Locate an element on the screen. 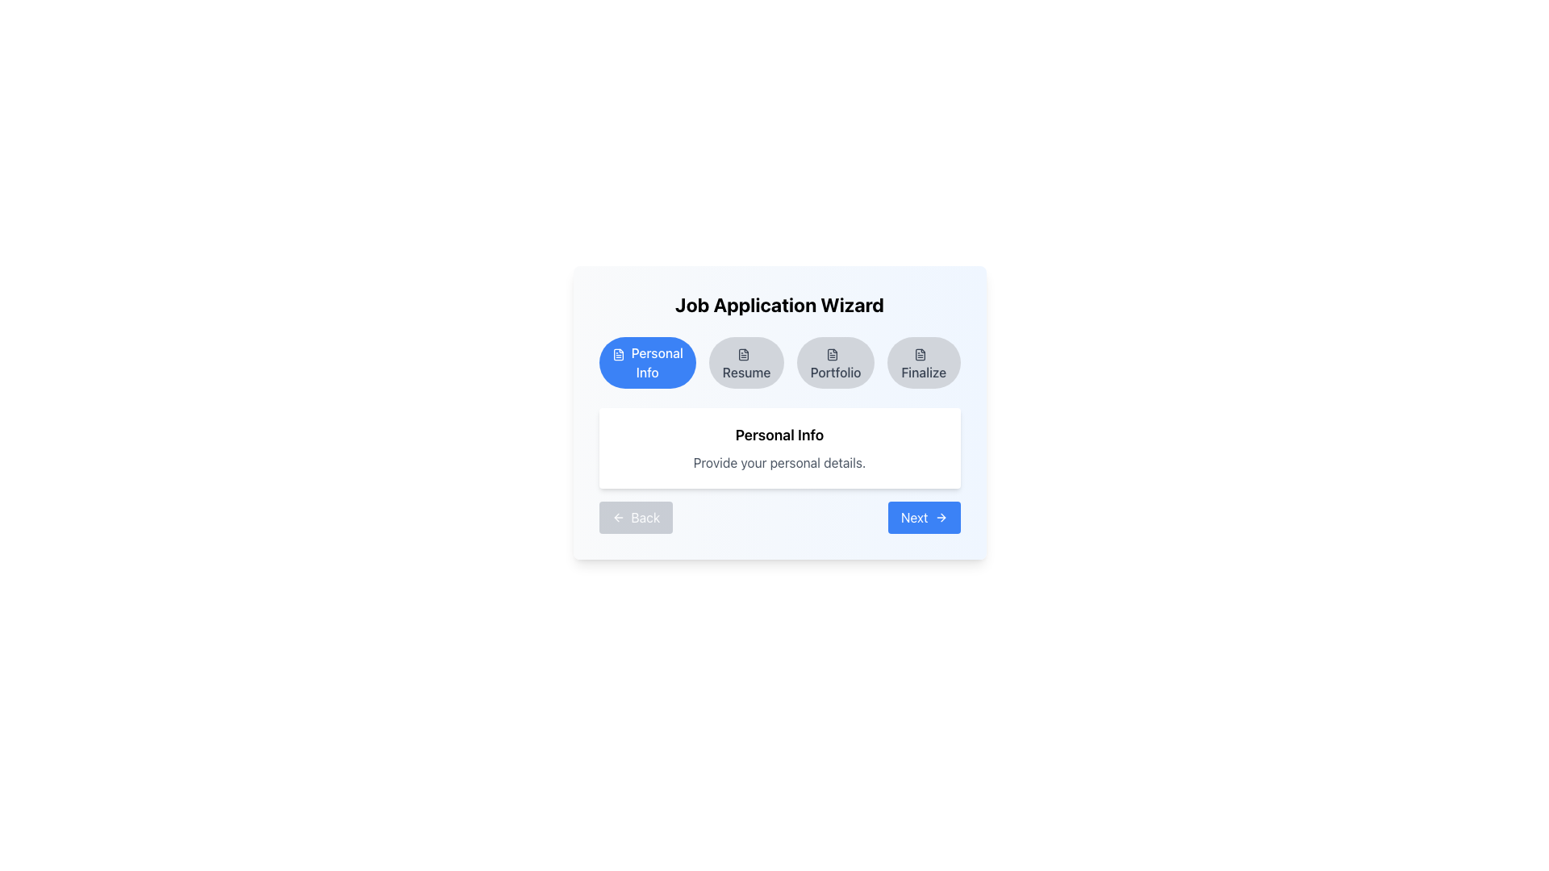 The image size is (1549, 871). the visual indicator icon for the 'Personal Info' tab in the Job Application Wizard interface, located to the left of the Resume tab is located at coordinates (617, 353).